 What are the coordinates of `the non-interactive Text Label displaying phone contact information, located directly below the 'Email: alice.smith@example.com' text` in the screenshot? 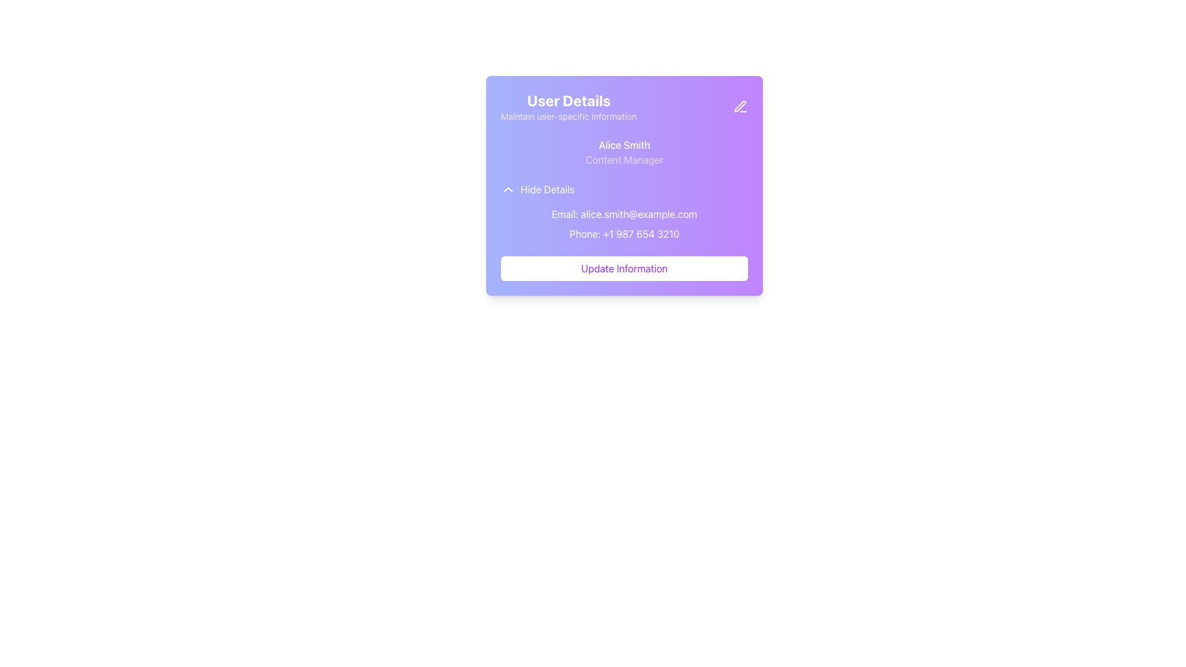 It's located at (625, 233).